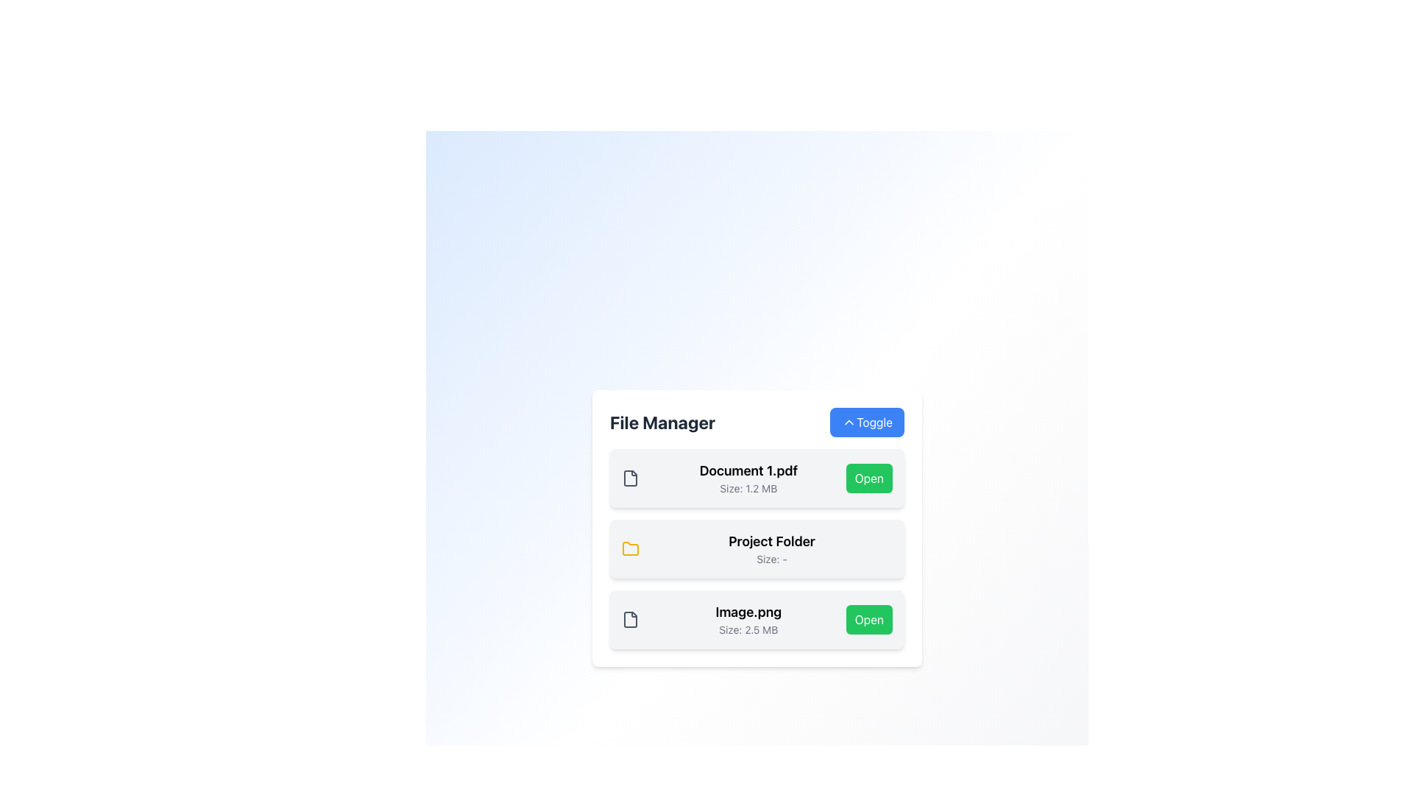 This screenshot has height=795, width=1413. I want to click on the file manager card item, which includes an 'Open' button, so click(757, 478).